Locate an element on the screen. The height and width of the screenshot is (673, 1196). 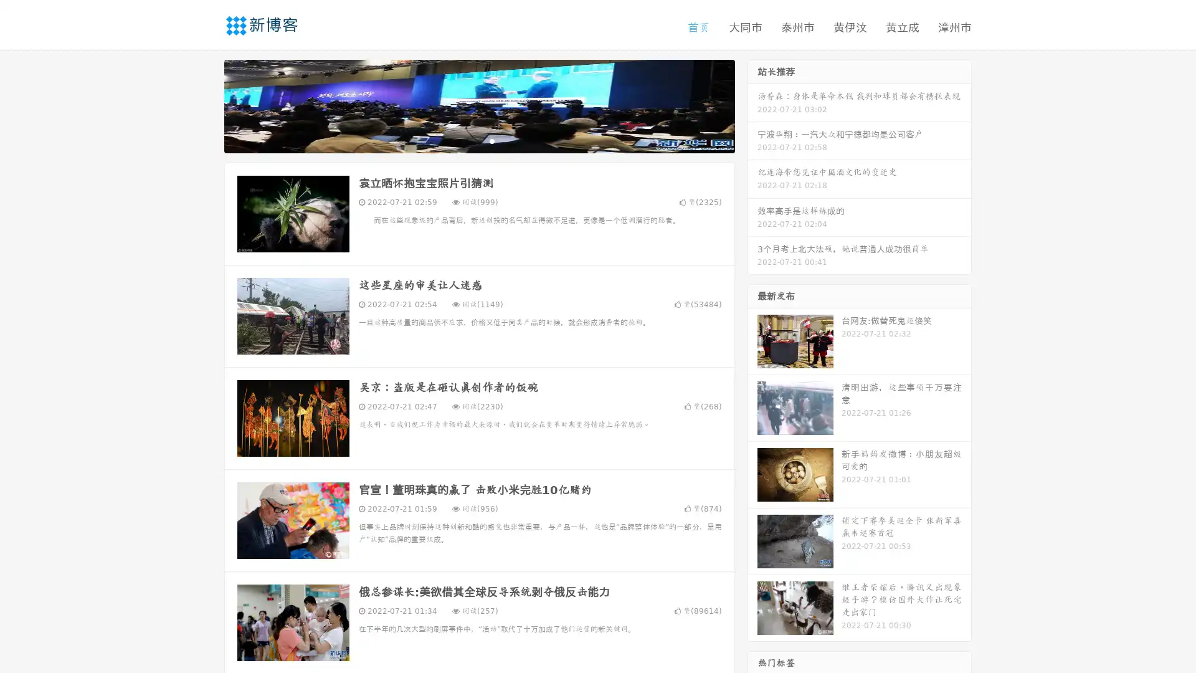
Go to slide 1 is located at coordinates (466, 140).